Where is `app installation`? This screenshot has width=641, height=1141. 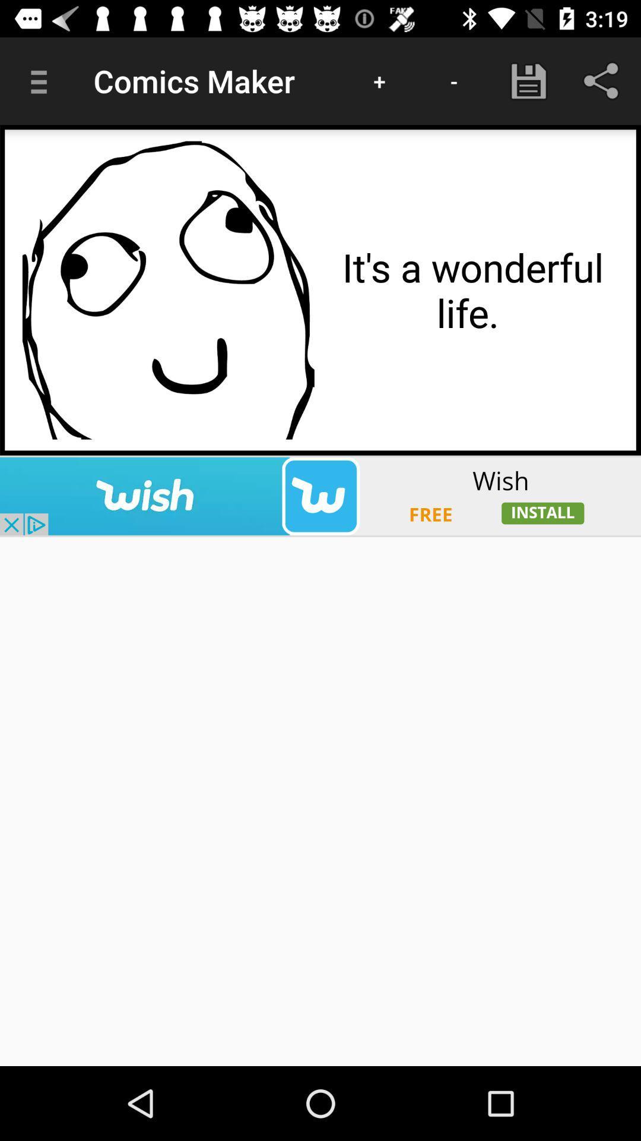 app installation is located at coordinates (320, 496).